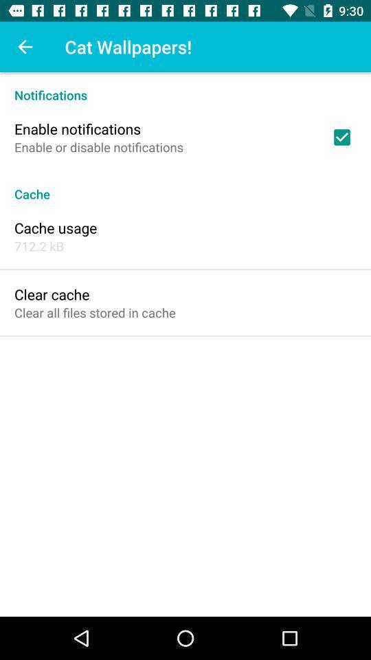 The width and height of the screenshot is (371, 660). I want to click on item at the top right corner, so click(341, 137).